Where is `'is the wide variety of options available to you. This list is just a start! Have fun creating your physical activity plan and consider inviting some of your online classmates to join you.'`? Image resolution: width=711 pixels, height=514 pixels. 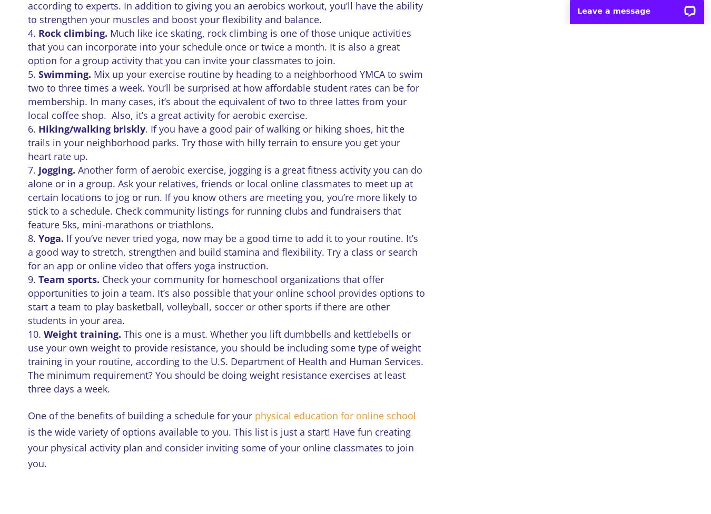 'is the wide variety of options available to you. This list is just a start! Have fun creating your physical activity plan and consider inviting some of your online classmates to join you.' is located at coordinates (220, 447).